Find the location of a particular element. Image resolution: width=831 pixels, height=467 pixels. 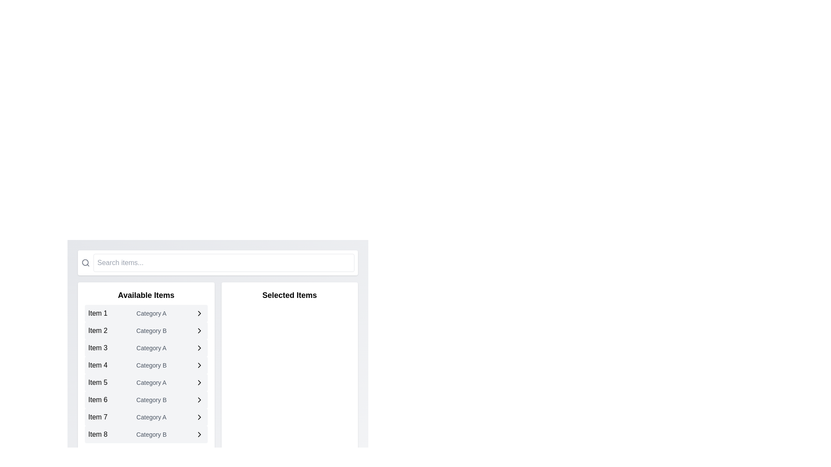

the list item labeled 'Item 6' in the 'Available Items' section is located at coordinates (146, 400).